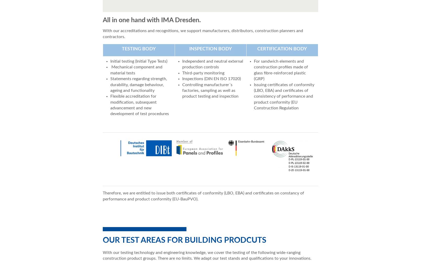  Describe the element at coordinates (182, 78) in the screenshot. I see `'Inspections (DIN EN ISO 17020)'` at that location.